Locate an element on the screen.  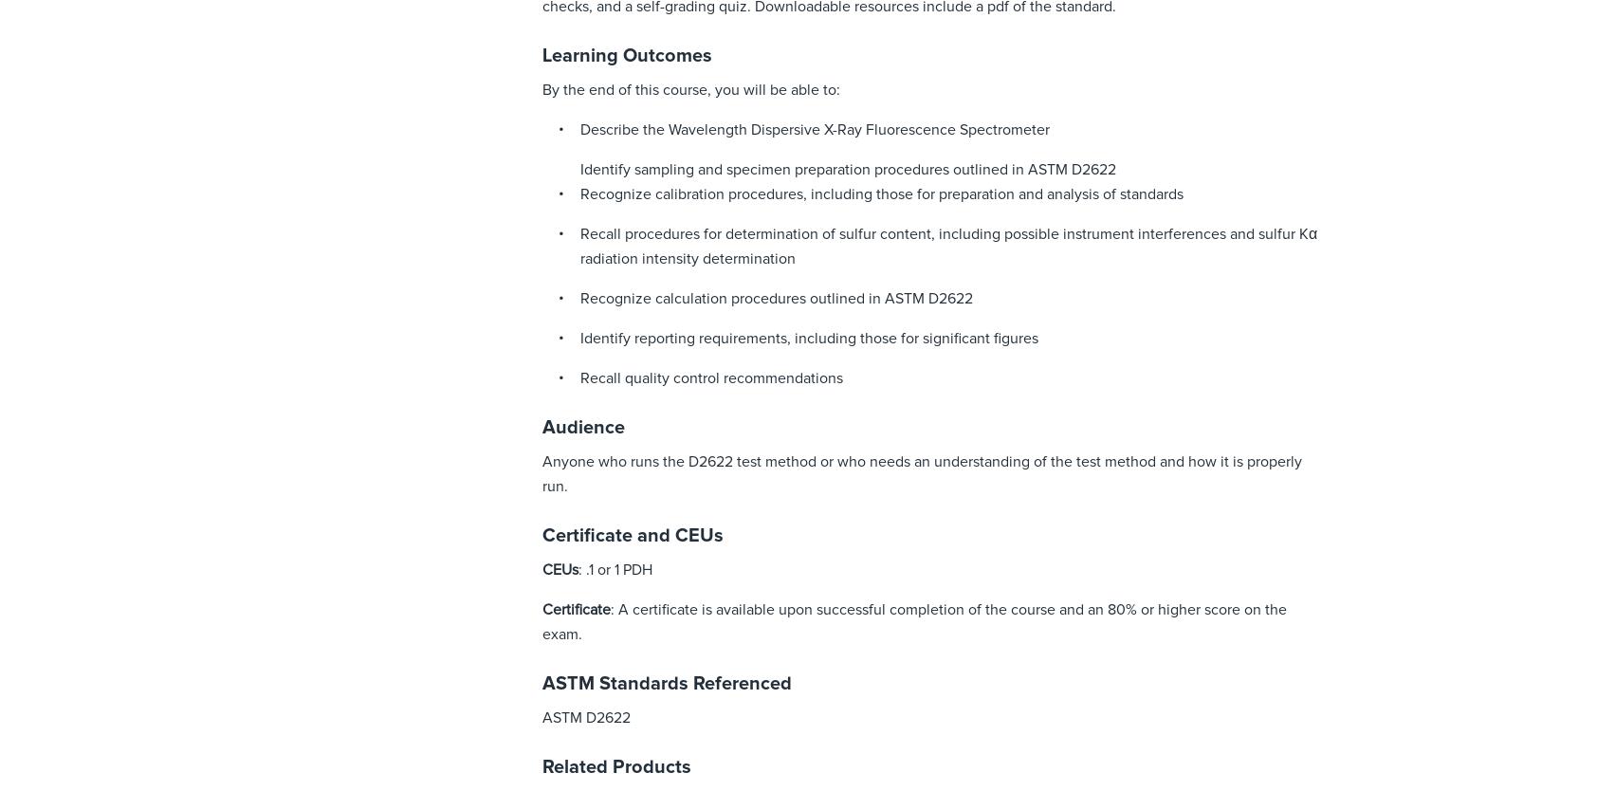
':  A certificate is available upon successful completion of the course and an 80% or higher score on the exam.' is located at coordinates (913, 621).